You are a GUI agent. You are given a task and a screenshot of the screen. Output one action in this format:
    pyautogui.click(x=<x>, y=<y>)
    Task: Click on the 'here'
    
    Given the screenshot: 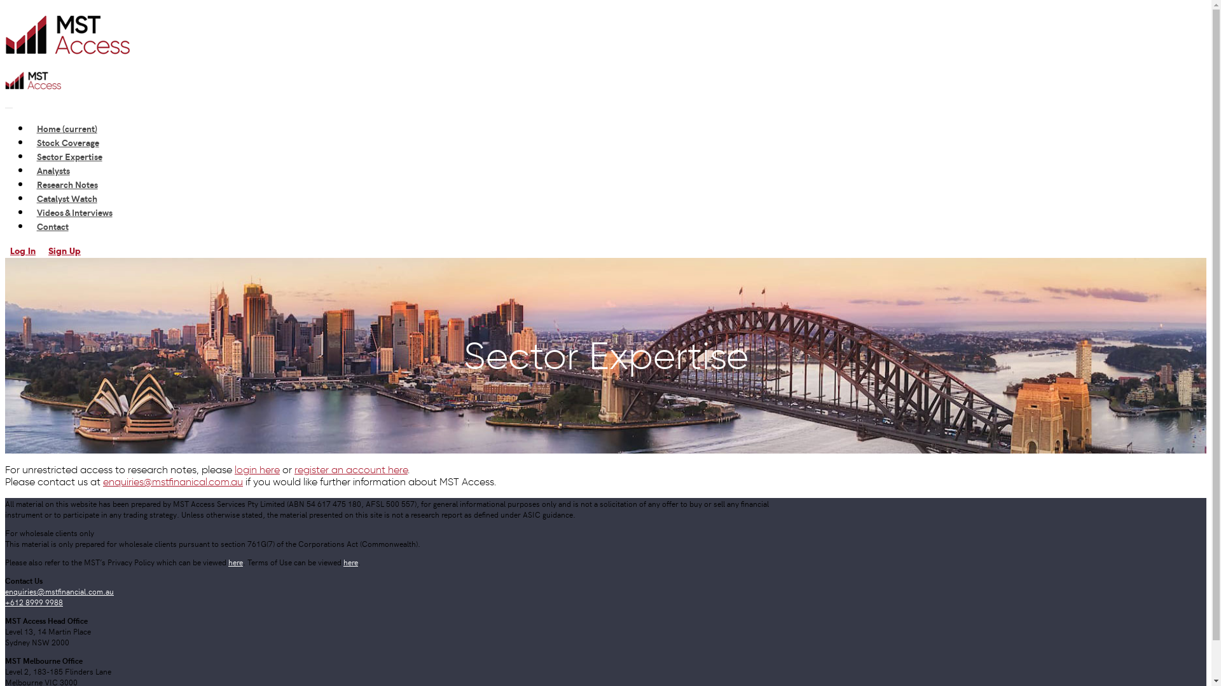 What is the action you would take?
    pyautogui.click(x=350, y=561)
    